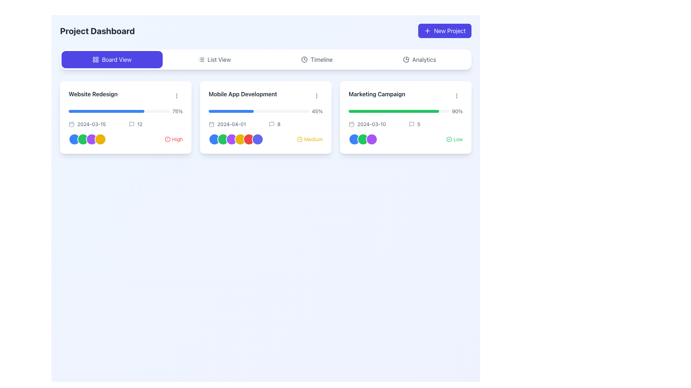  Describe the element at coordinates (219, 59) in the screenshot. I see `text of the label that signifies the list-based view mode option, located in the navigation bar after the 'Board View' button and before the 'Timeline' and 'Analytics' options` at that location.